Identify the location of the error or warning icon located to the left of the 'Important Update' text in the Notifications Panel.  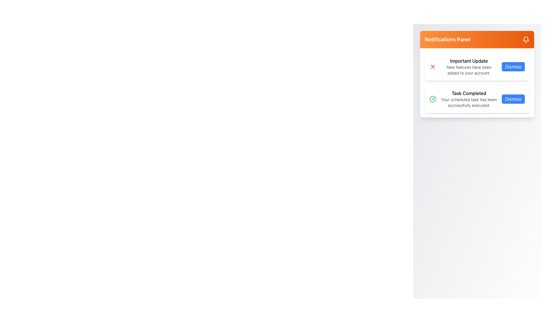
(433, 66).